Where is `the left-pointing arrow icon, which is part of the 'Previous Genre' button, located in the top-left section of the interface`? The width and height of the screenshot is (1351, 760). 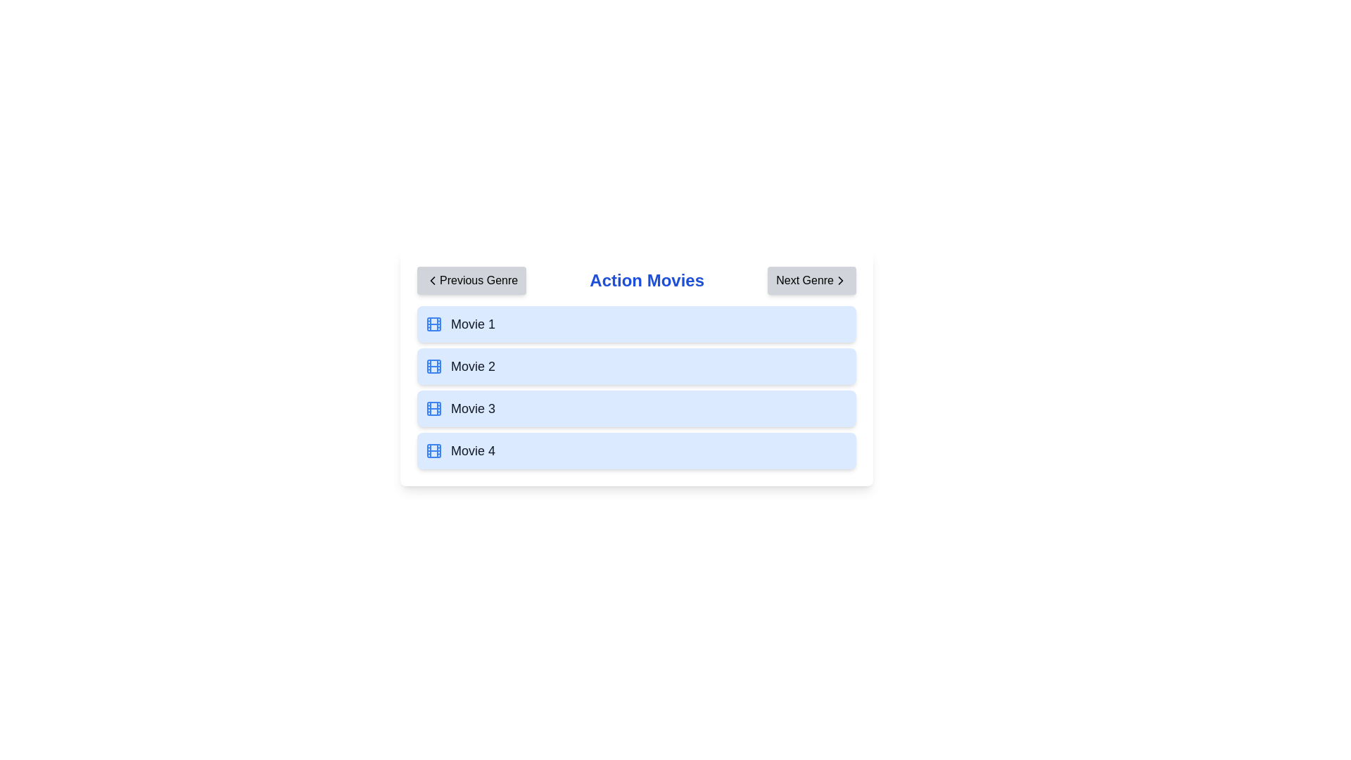 the left-pointing arrow icon, which is part of the 'Previous Genre' button, located in the top-left section of the interface is located at coordinates (431, 280).